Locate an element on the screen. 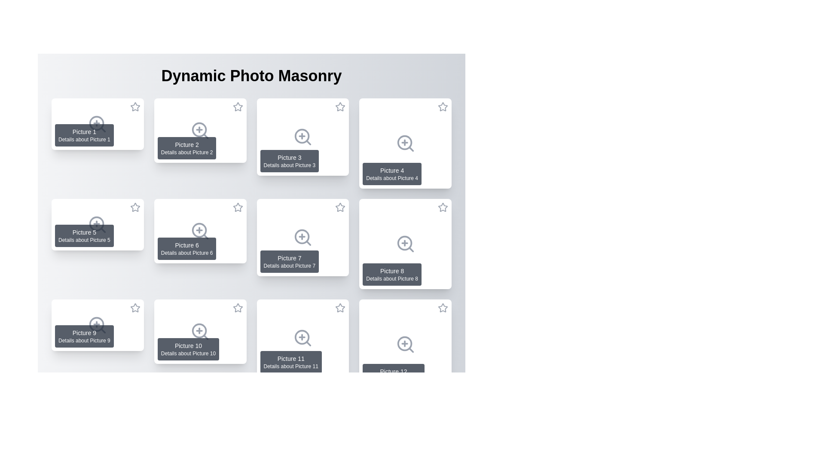 The width and height of the screenshot is (825, 464). the circular part of the magnifying glass graphic located in the top-right quadrant of the 'Picture 4' photo card is located at coordinates (404, 142).